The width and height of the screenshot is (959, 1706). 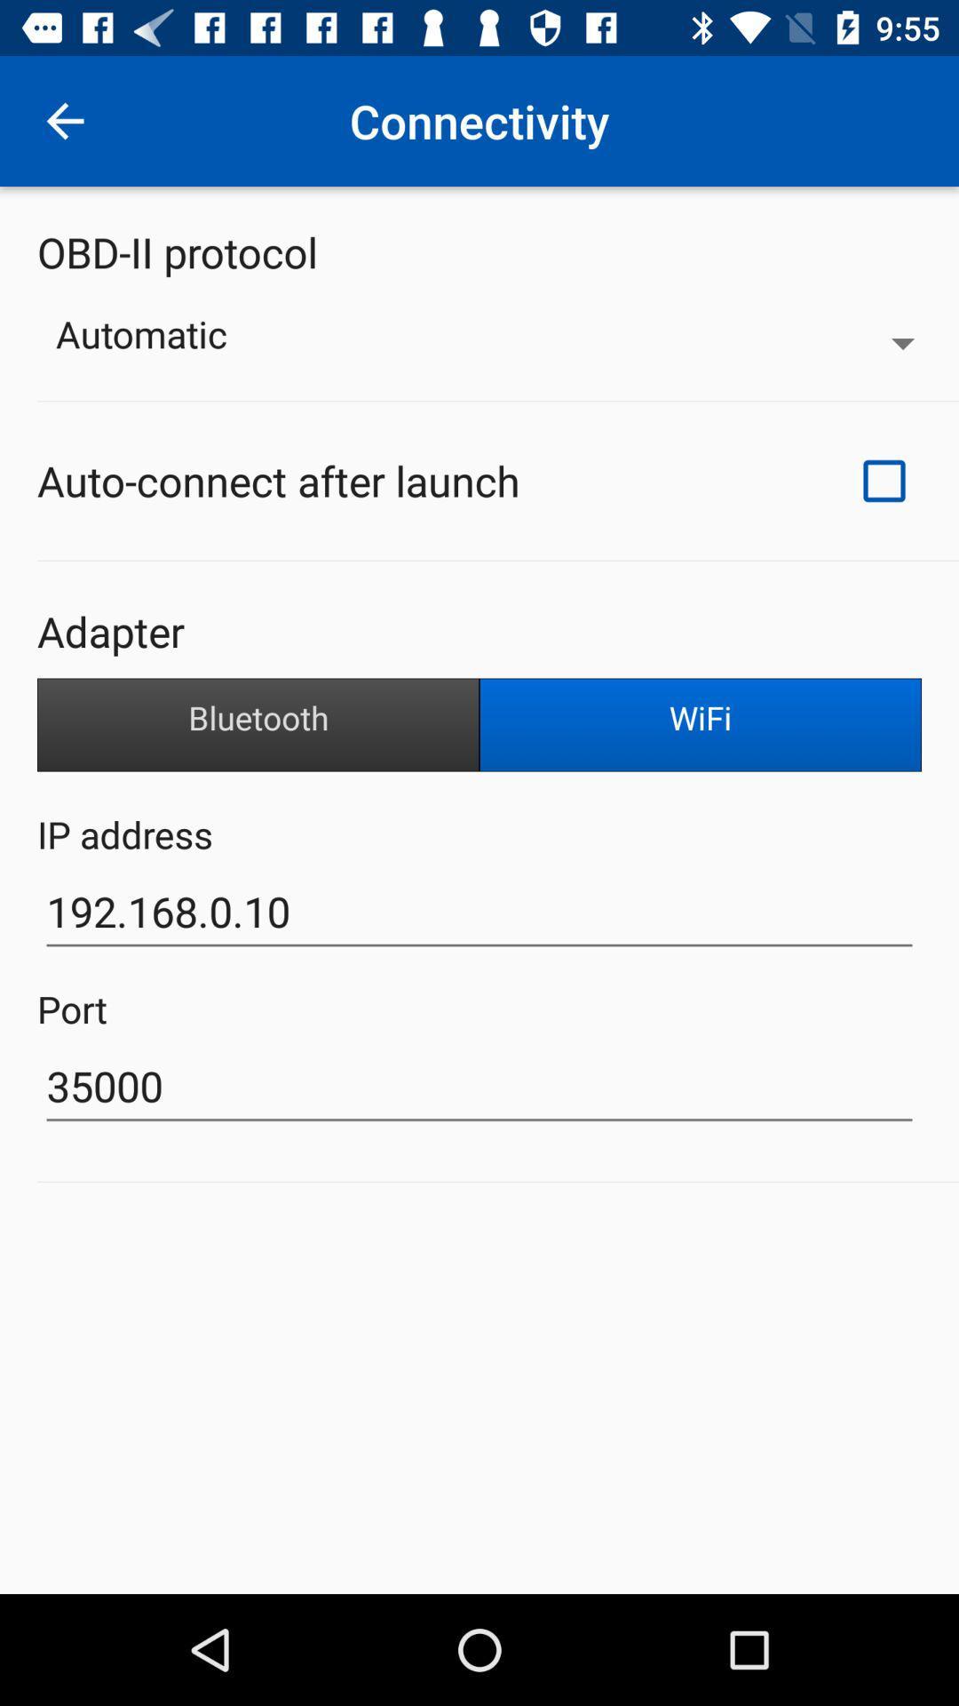 I want to click on check option for auto-connect, so click(x=884, y=481).